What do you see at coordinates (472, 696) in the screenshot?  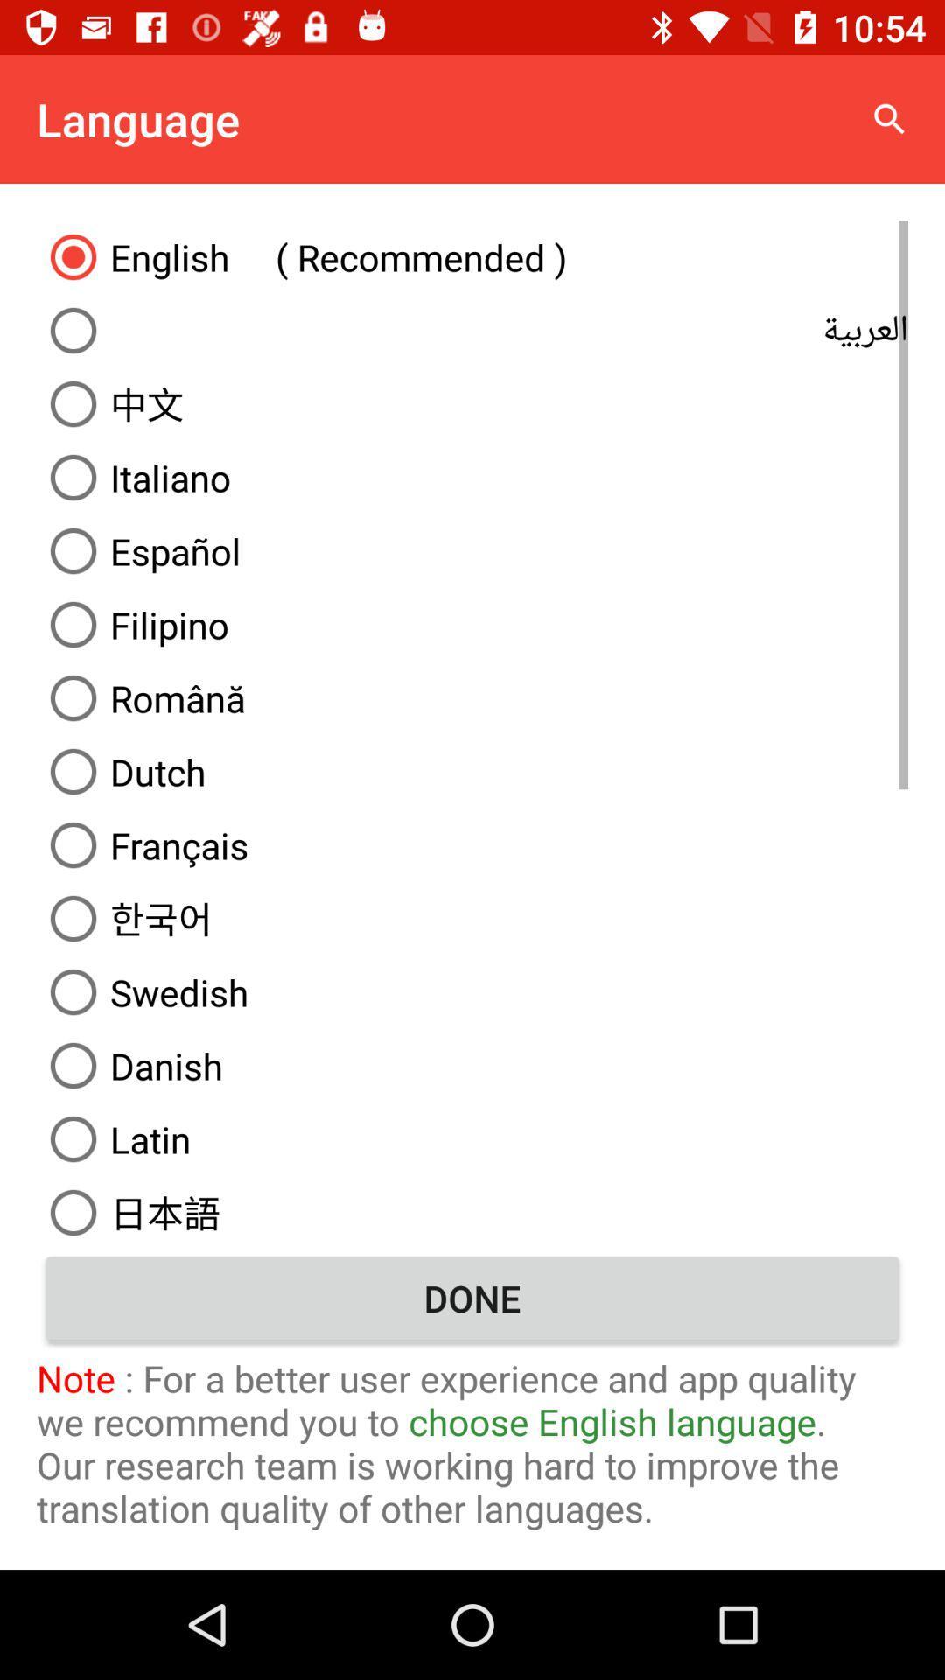 I see `icon above dutch` at bounding box center [472, 696].